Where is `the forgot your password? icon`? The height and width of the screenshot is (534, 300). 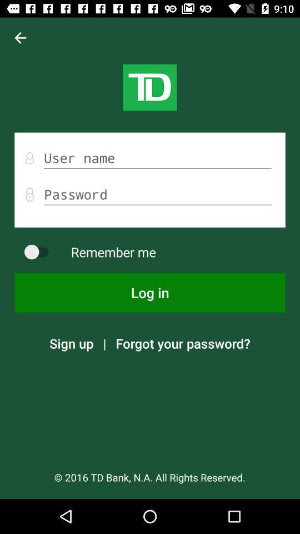
the forgot your password? icon is located at coordinates (183, 343).